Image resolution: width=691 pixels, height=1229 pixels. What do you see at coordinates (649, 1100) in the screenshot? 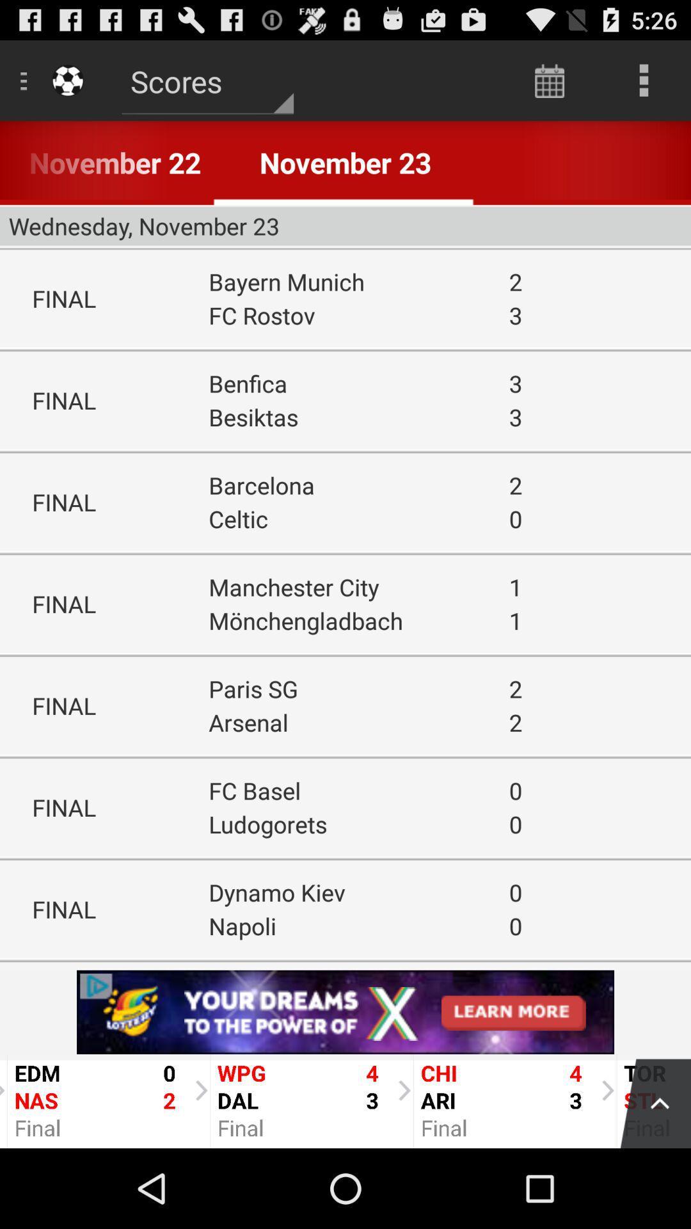
I see `ap arrow` at bounding box center [649, 1100].